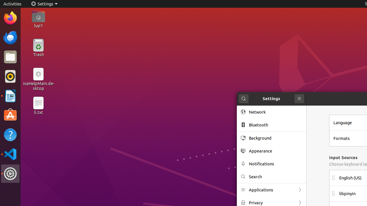  I want to click on 'Search', so click(276, 176).